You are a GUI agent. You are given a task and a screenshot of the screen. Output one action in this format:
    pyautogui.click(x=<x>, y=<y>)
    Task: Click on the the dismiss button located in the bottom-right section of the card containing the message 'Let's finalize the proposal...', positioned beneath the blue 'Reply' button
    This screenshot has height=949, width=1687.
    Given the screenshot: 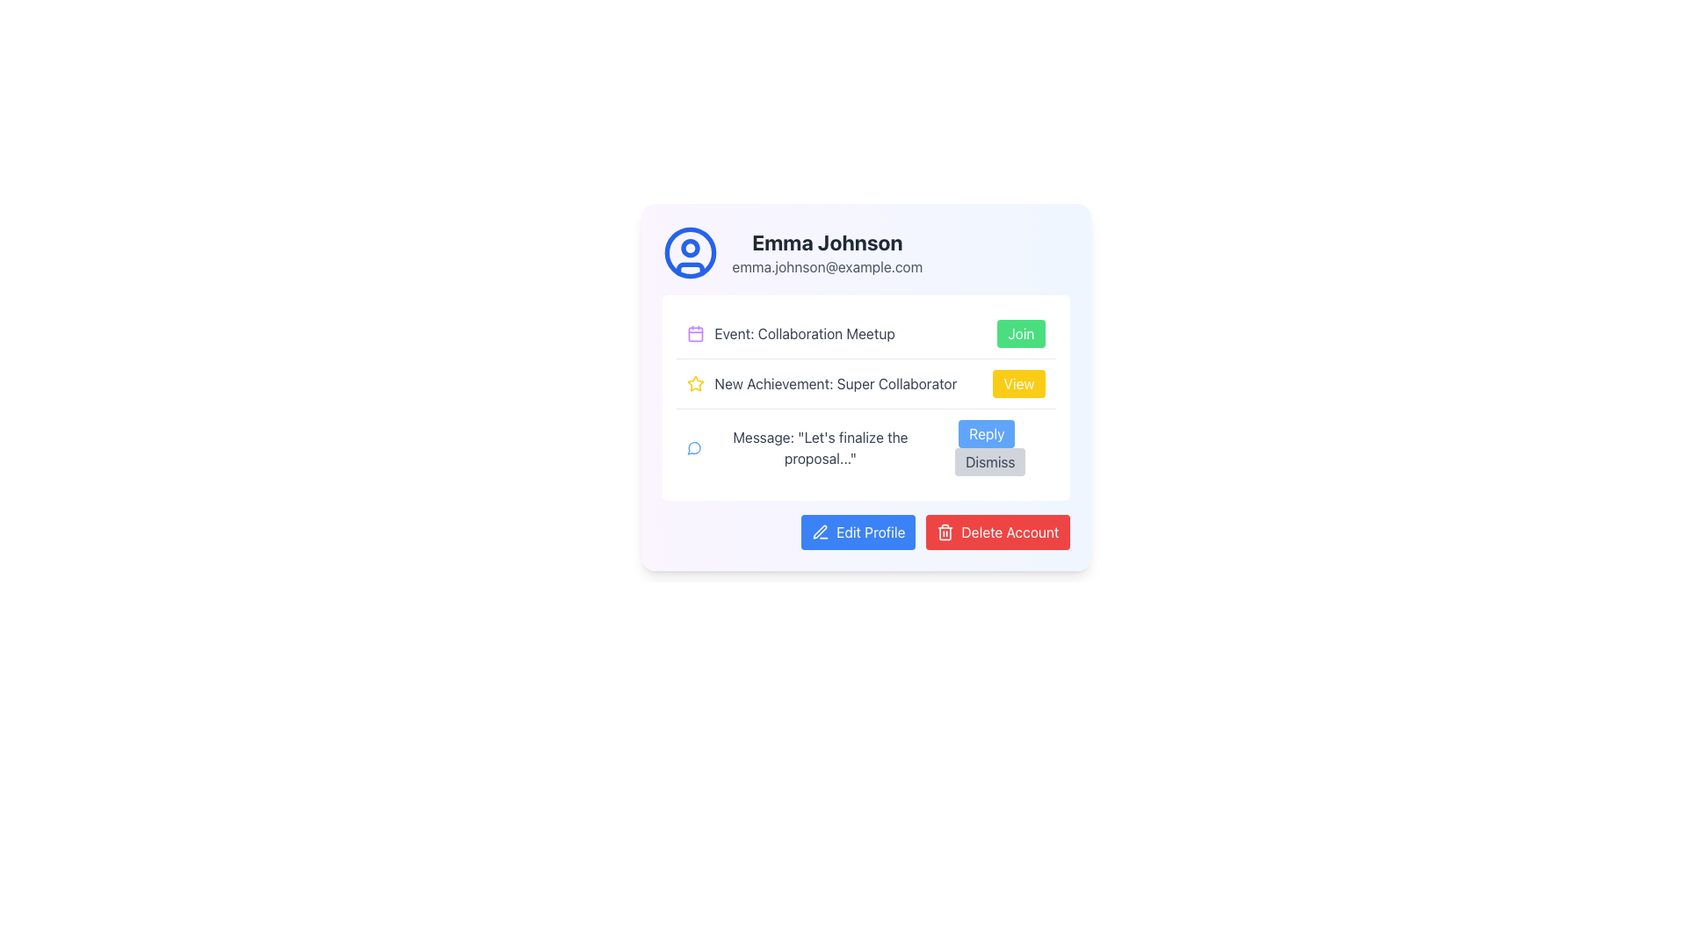 What is the action you would take?
    pyautogui.click(x=987, y=446)
    